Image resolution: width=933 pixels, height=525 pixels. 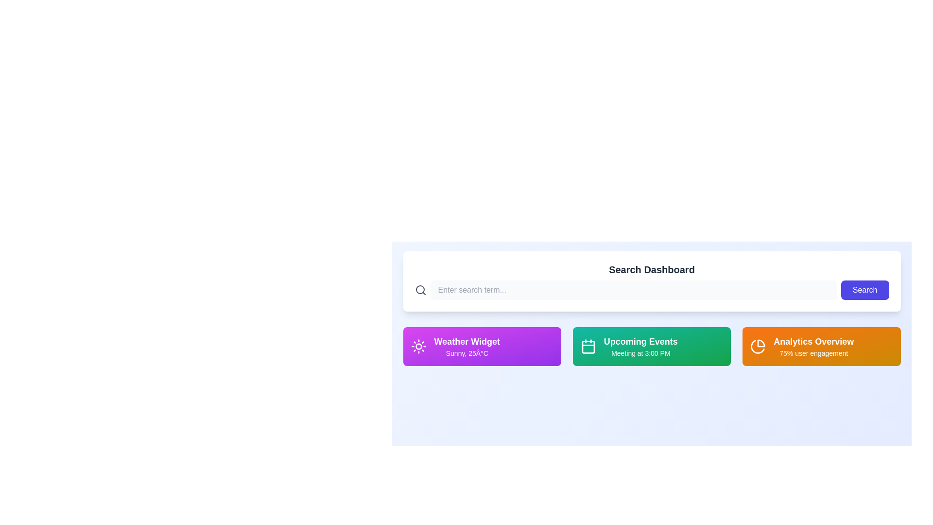 What do you see at coordinates (418, 346) in the screenshot?
I see `the sun icon representing sunny weather, which is located in the 'Weather Widget' card, to the left of the title 'Weather Widget' and the weather description text 'Sunny, 25°C'` at bounding box center [418, 346].